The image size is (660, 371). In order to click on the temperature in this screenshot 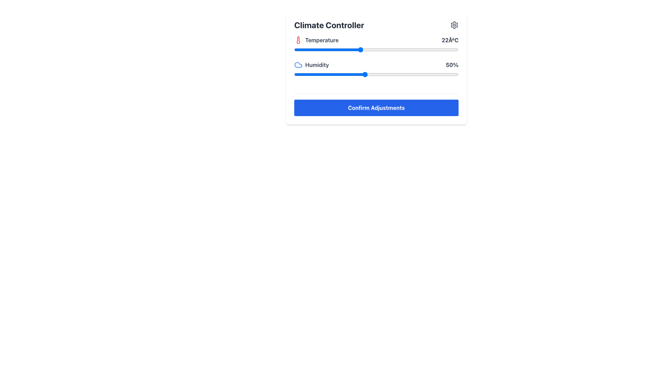, I will do `click(349, 49)`.